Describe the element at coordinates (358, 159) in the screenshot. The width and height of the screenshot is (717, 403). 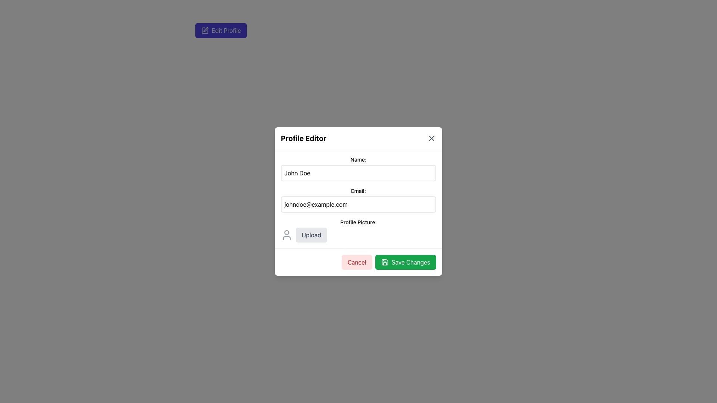
I see `the text label indicating the input field for entering a name, located at the top of the modal window above the 'John Doe' input field` at that location.